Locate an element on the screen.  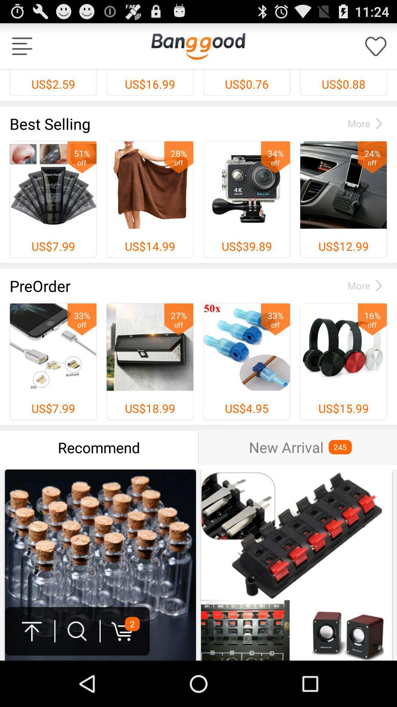
to wishlist is located at coordinates (376, 46).